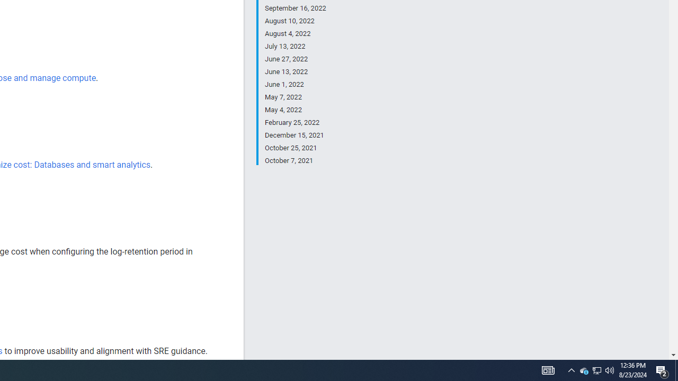  What do you see at coordinates (295, 134) in the screenshot?
I see `'December 15, 2021'` at bounding box center [295, 134].